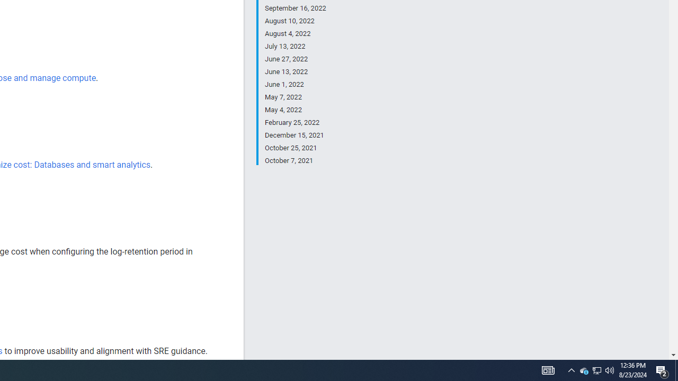  What do you see at coordinates (295, 134) in the screenshot?
I see `'December 15, 2021'` at bounding box center [295, 134].